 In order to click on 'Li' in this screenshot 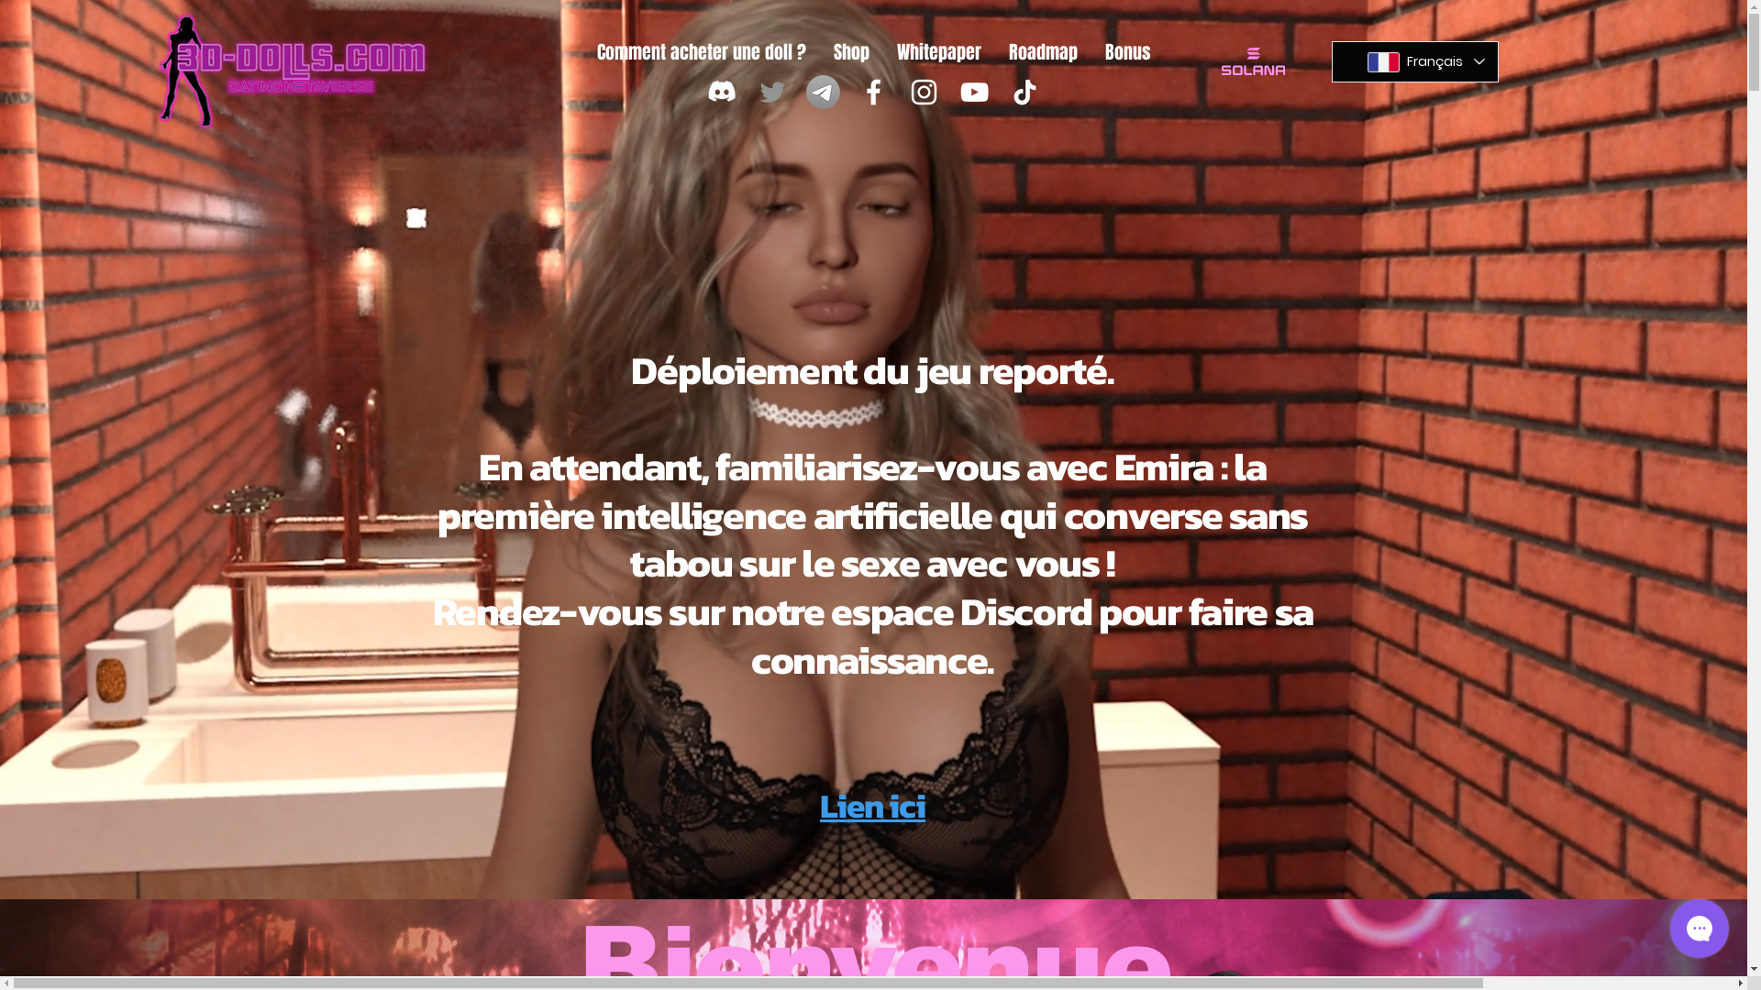, I will do `click(818, 805)`.